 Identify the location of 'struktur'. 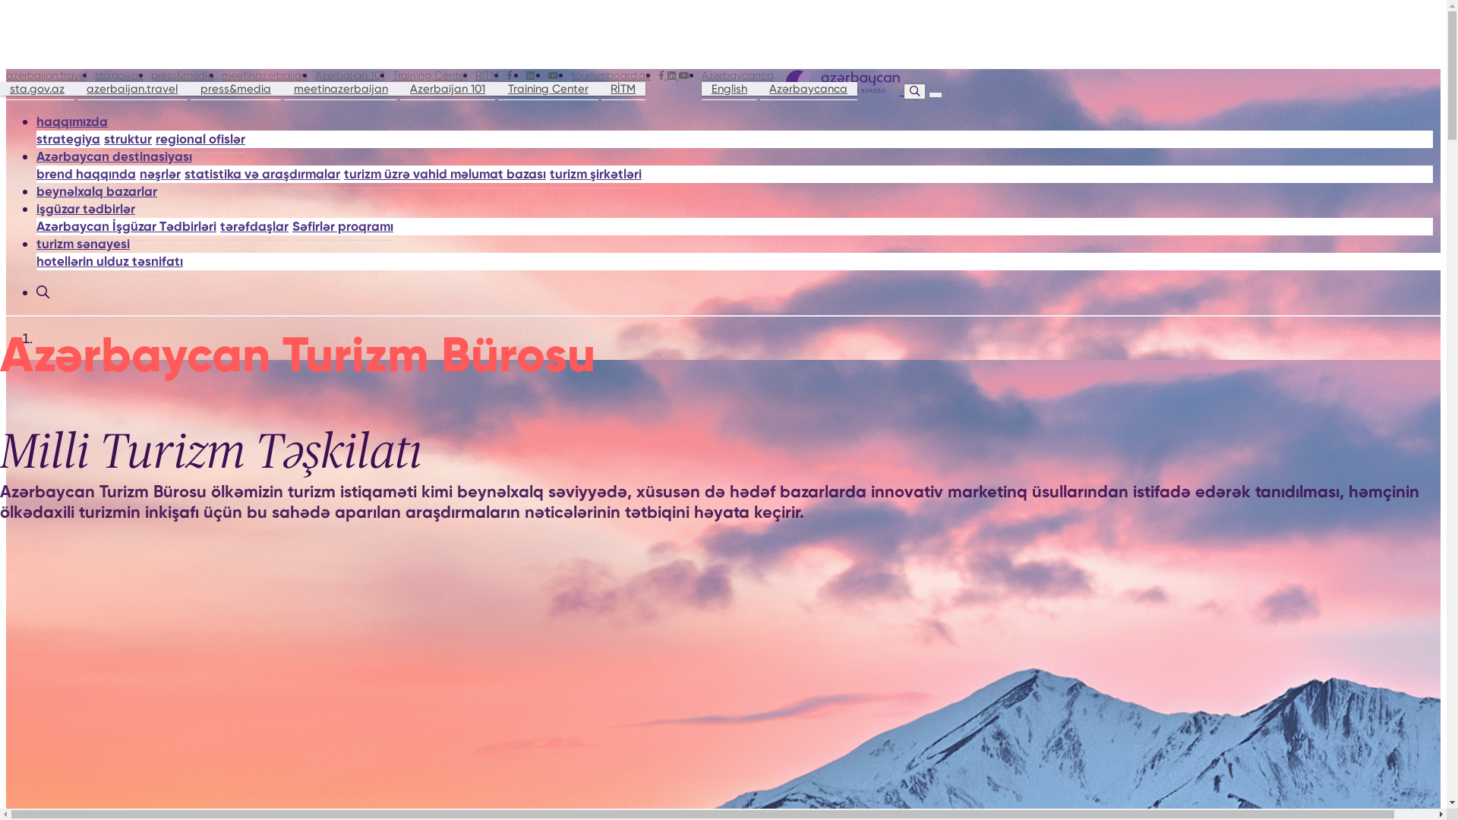
(128, 140).